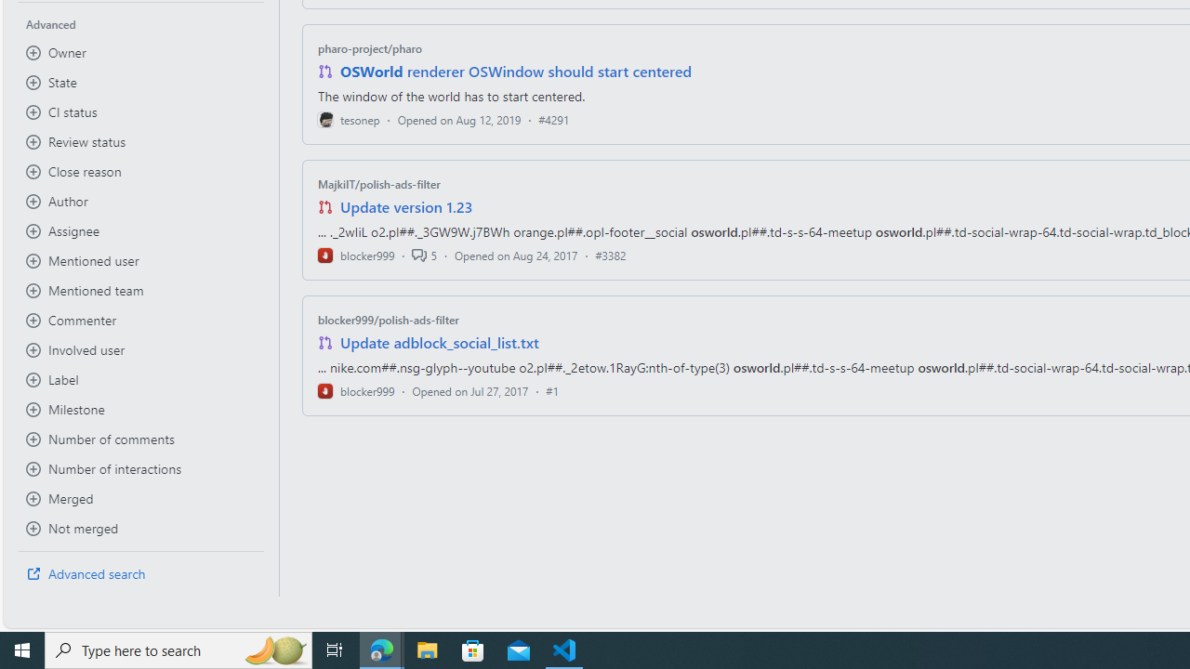  Describe the element at coordinates (140, 573) in the screenshot. I see `'Advanced search'` at that location.